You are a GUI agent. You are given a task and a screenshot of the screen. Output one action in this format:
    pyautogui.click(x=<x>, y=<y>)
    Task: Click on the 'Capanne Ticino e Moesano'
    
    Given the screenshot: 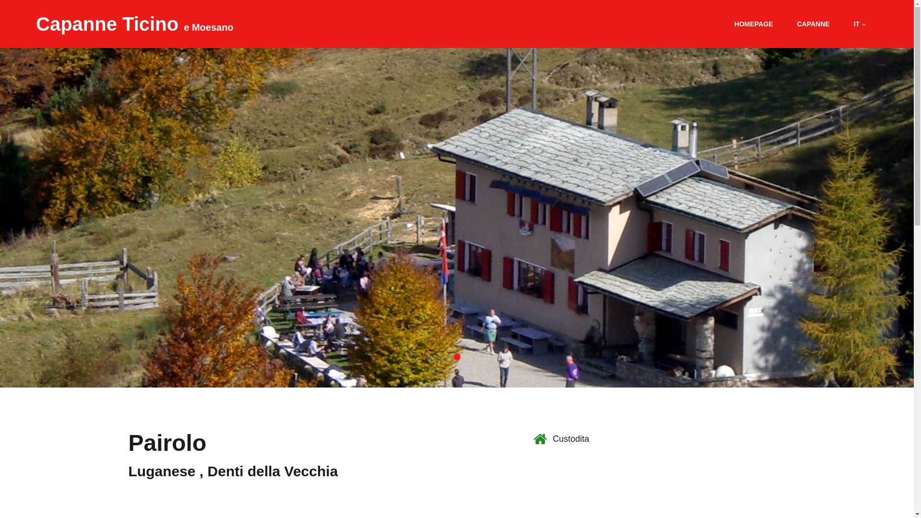 What is the action you would take?
    pyautogui.click(x=134, y=25)
    